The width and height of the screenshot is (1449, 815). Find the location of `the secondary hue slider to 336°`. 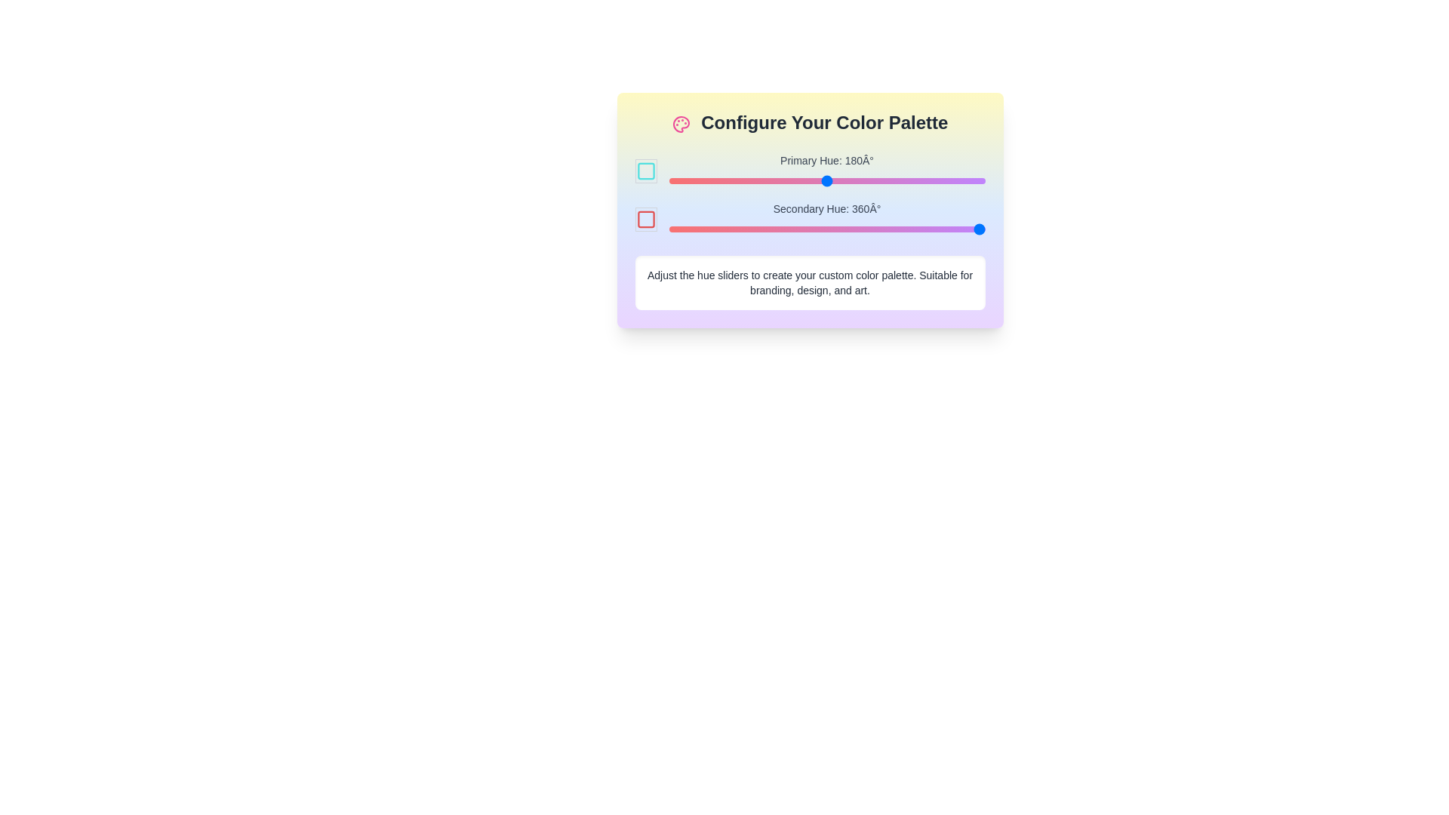

the secondary hue slider to 336° is located at coordinates (963, 229).